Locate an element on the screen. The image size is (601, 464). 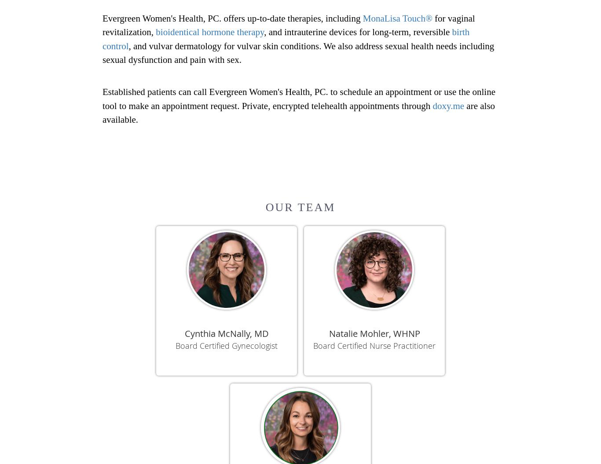
'Our Team' is located at coordinates (300, 207).